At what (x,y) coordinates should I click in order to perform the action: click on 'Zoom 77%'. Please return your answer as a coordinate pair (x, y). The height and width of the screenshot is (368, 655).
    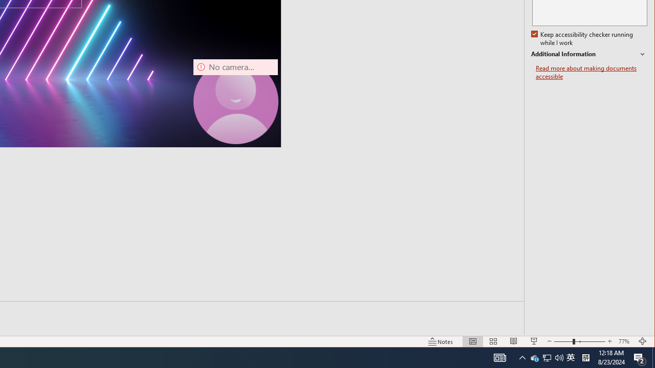
    Looking at the image, I should click on (625, 341).